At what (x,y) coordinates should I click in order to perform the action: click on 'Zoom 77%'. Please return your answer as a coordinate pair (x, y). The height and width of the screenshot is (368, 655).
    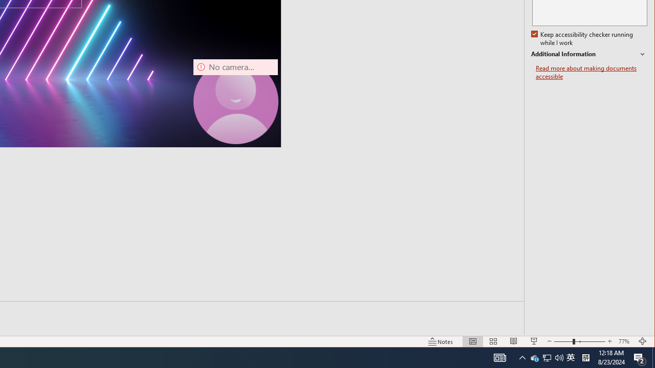
    Looking at the image, I should click on (625, 341).